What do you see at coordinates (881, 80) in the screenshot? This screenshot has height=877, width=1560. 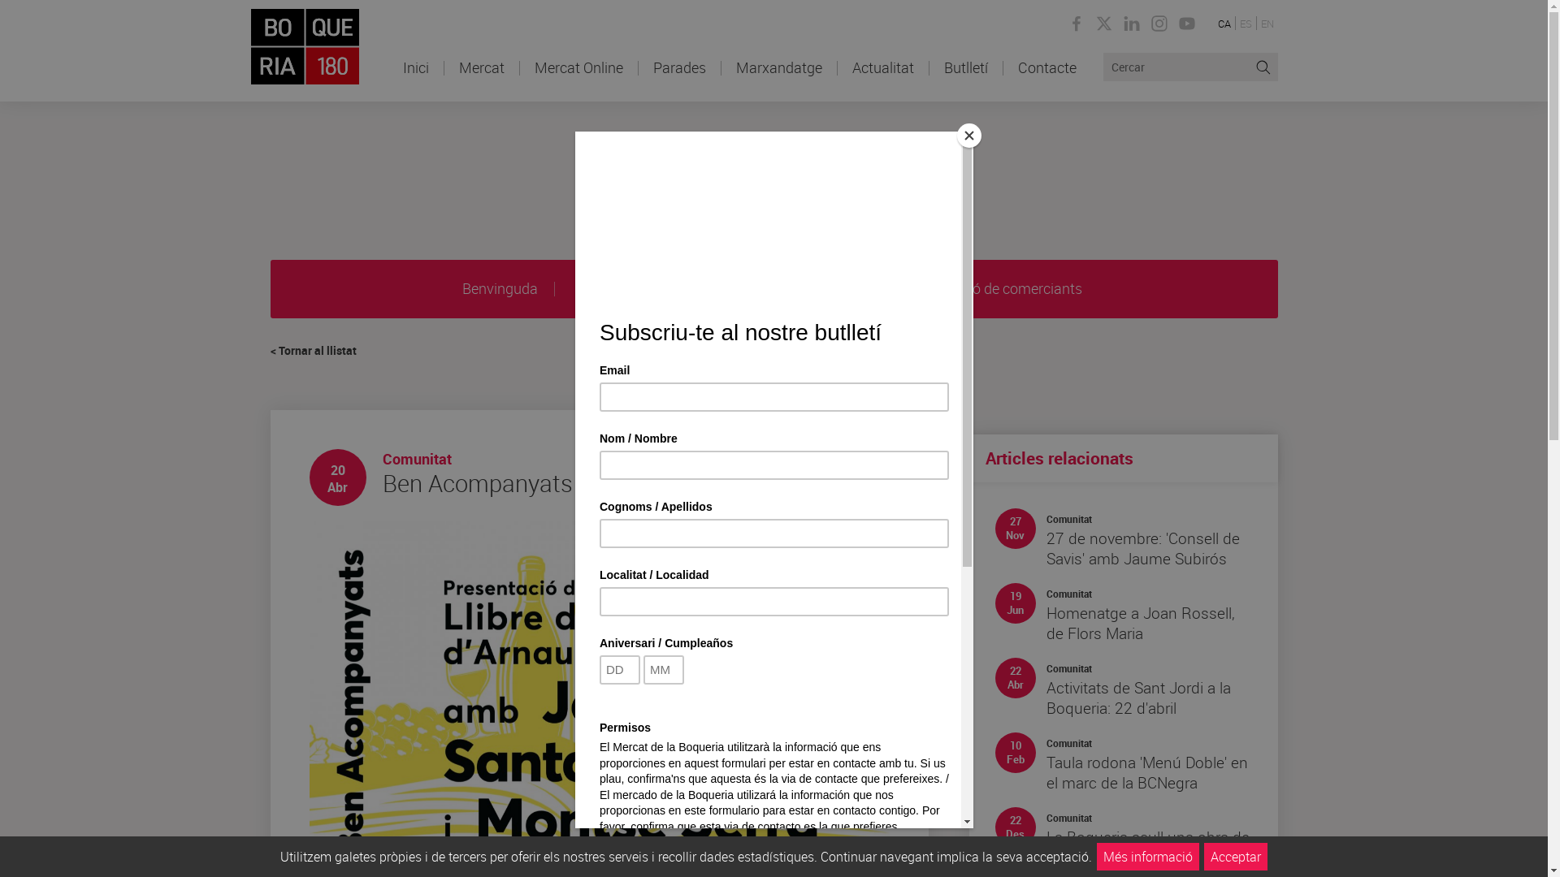 I see `'Actualitat'` at bounding box center [881, 80].